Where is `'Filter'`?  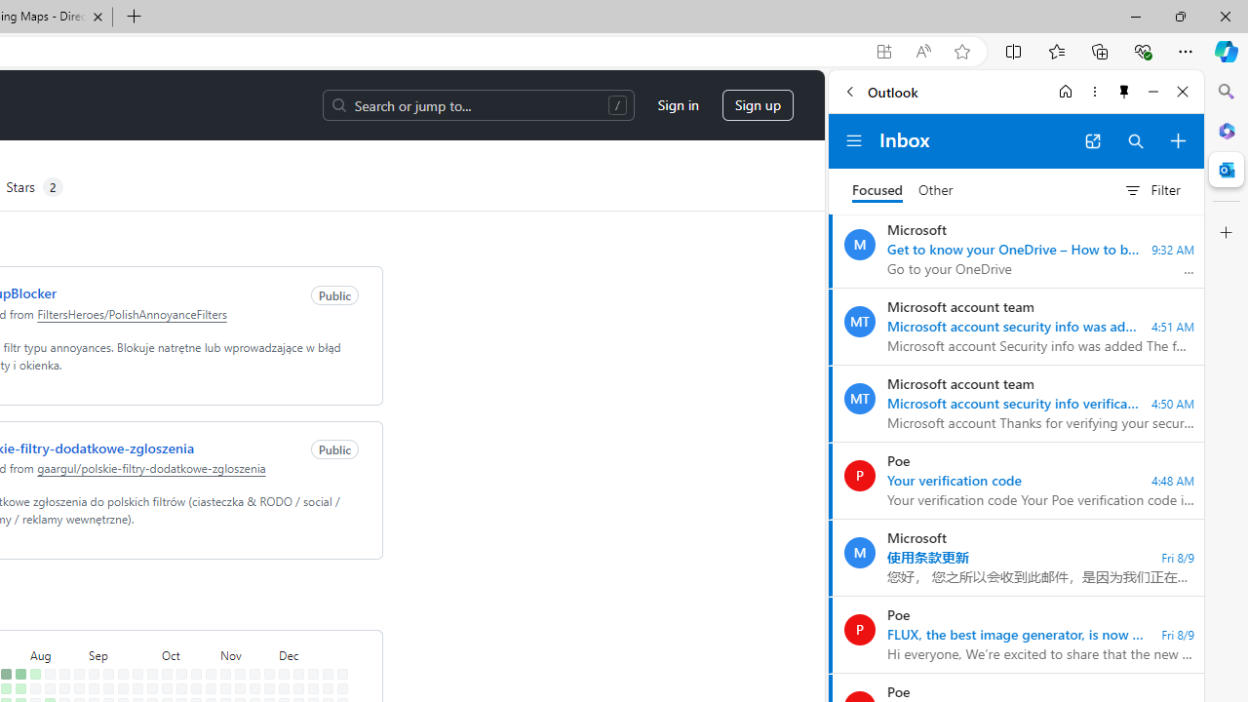
'Filter' is located at coordinates (1151, 190).